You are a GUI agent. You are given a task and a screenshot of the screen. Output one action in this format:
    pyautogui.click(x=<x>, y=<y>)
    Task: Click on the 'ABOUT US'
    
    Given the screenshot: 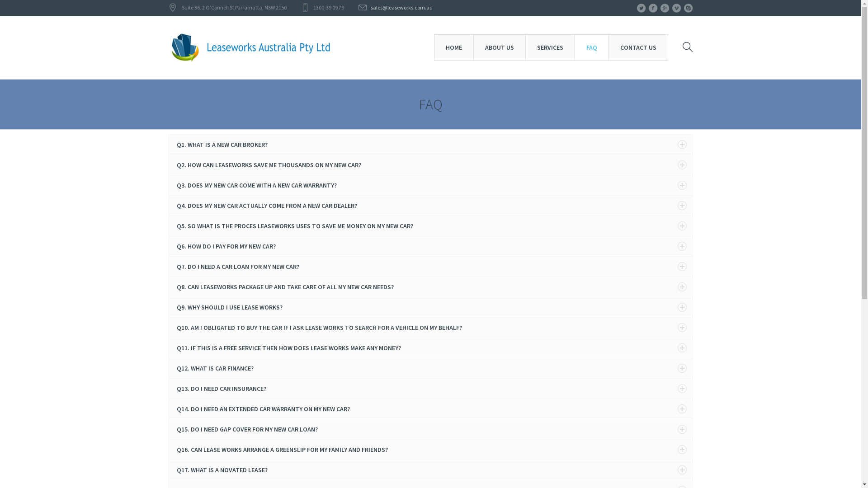 What is the action you would take?
    pyautogui.click(x=472, y=47)
    